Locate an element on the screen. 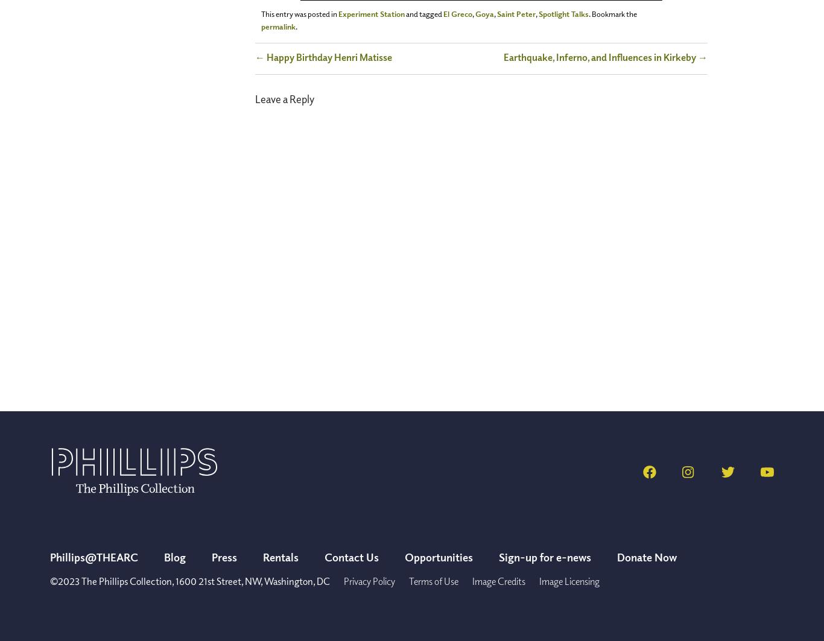  '©2023 The Phillips Collection, 1600 21st Street, NW, Washington, DC' is located at coordinates (189, 581).